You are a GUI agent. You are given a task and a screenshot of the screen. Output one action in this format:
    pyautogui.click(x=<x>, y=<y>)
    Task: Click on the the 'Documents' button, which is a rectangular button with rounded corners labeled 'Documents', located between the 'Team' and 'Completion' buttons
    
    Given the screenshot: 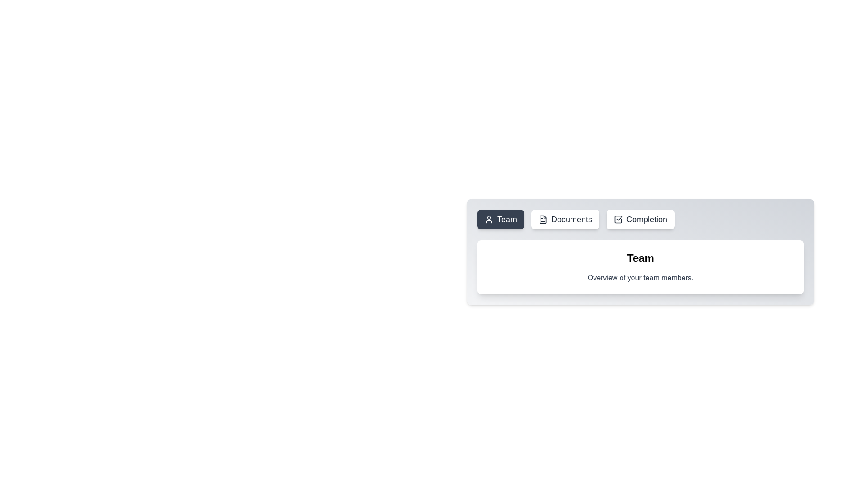 What is the action you would take?
    pyautogui.click(x=565, y=220)
    